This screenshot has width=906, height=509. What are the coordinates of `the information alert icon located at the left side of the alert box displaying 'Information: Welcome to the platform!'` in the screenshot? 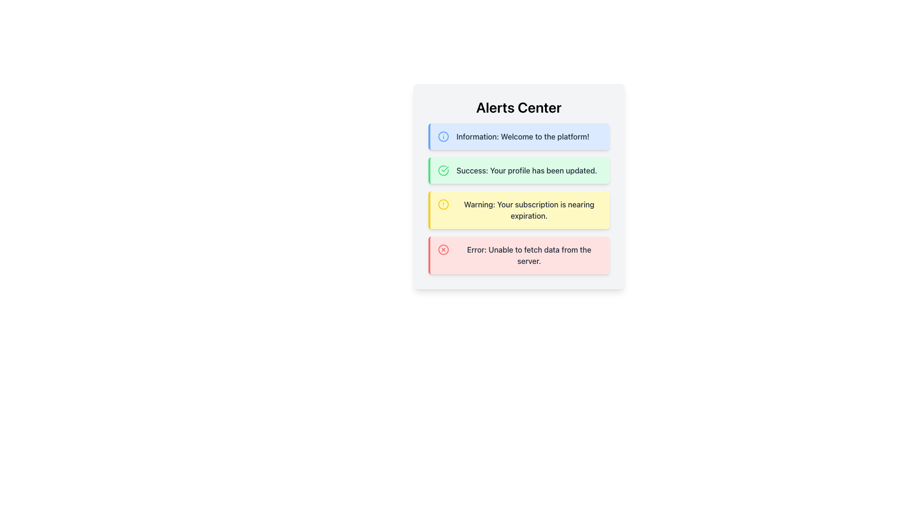 It's located at (446, 136).